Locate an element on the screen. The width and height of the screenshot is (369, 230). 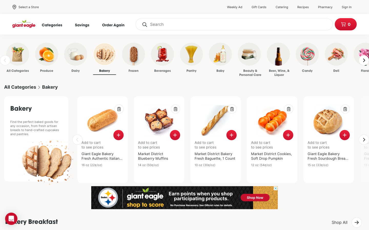
Visit the Deli Category Page is located at coordinates (328, 59).